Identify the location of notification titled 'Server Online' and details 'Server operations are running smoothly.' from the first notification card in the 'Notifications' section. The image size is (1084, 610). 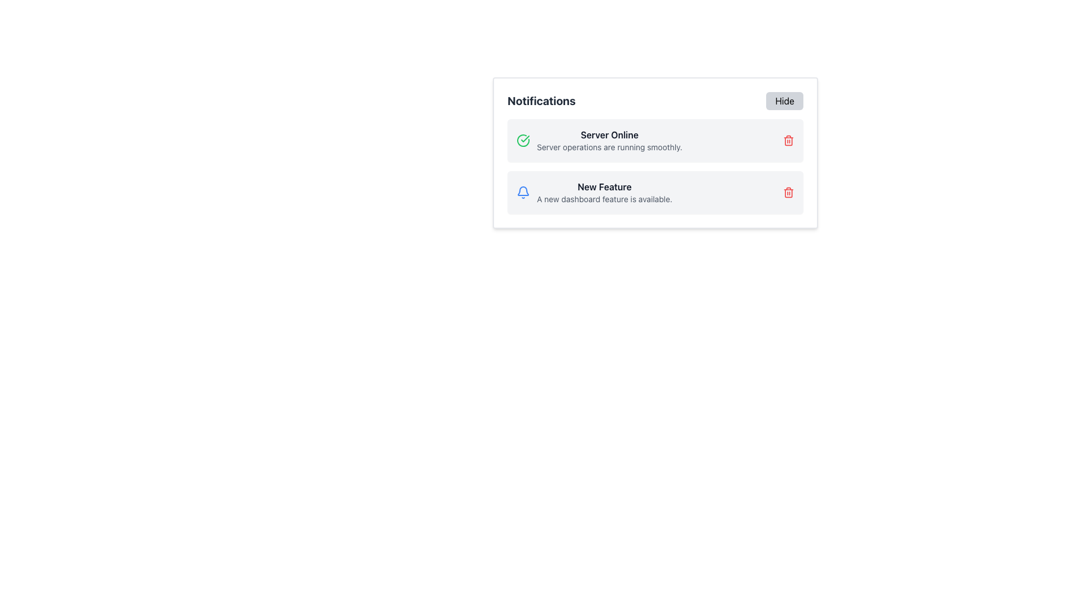
(655, 152).